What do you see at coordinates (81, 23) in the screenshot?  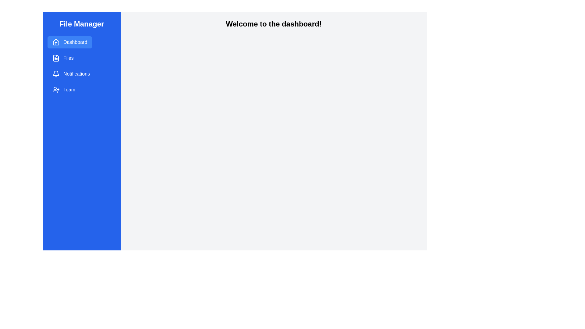 I see `the 'File Manager' title located at the top of the sidebar navigation` at bounding box center [81, 23].